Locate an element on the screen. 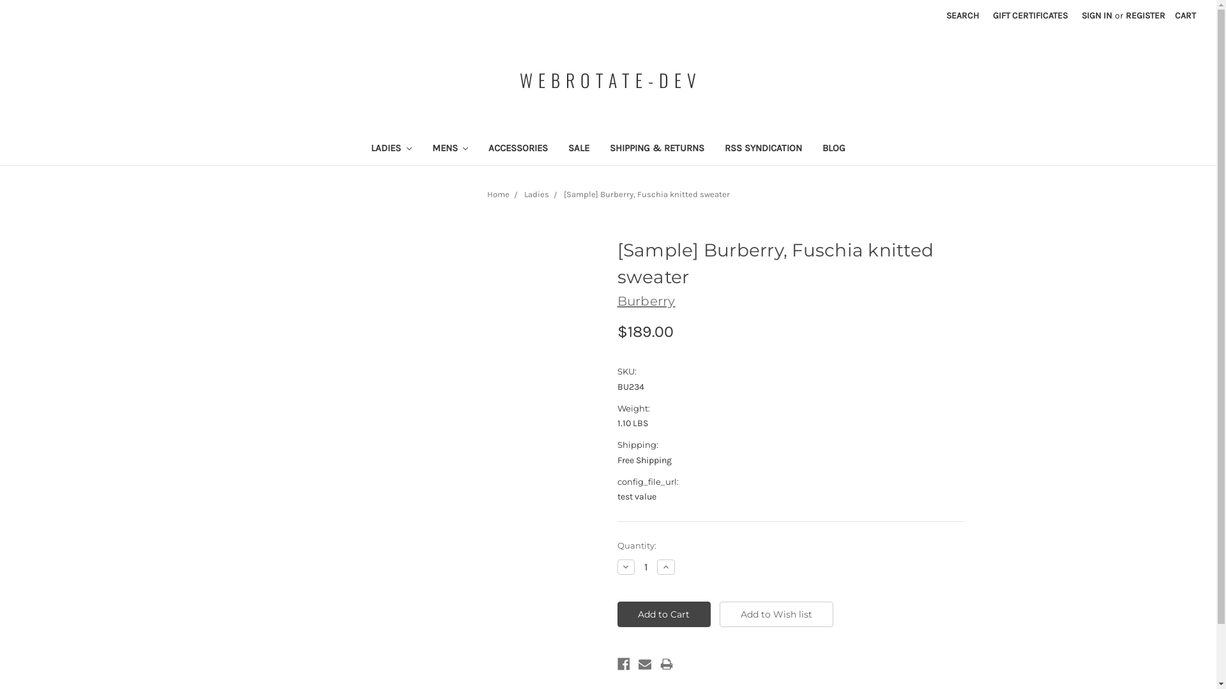 This screenshot has width=1226, height=689. 'SEARCH' is located at coordinates (962, 15).